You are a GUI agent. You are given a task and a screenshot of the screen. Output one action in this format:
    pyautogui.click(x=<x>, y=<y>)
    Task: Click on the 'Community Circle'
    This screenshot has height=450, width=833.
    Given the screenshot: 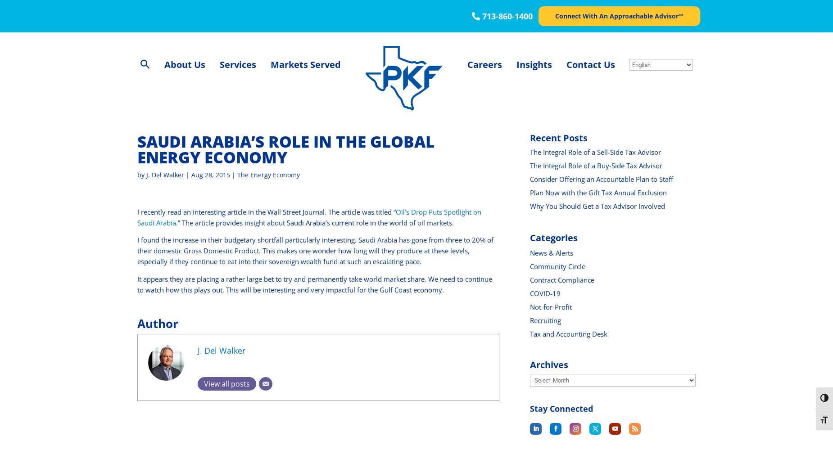 What is the action you would take?
    pyautogui.click(x=557, y=265)
    